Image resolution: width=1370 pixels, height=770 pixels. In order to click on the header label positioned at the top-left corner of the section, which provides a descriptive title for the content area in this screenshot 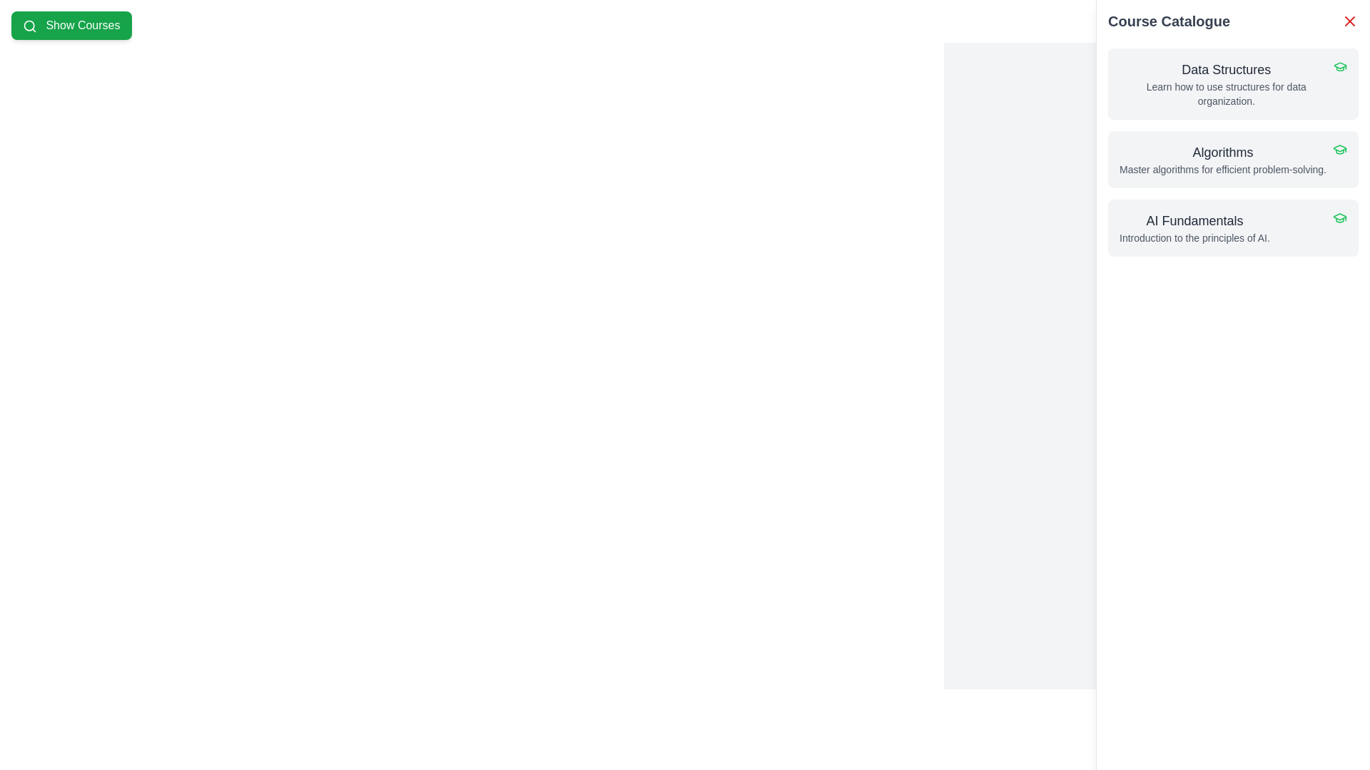, I will do `click(1169, 21)`.